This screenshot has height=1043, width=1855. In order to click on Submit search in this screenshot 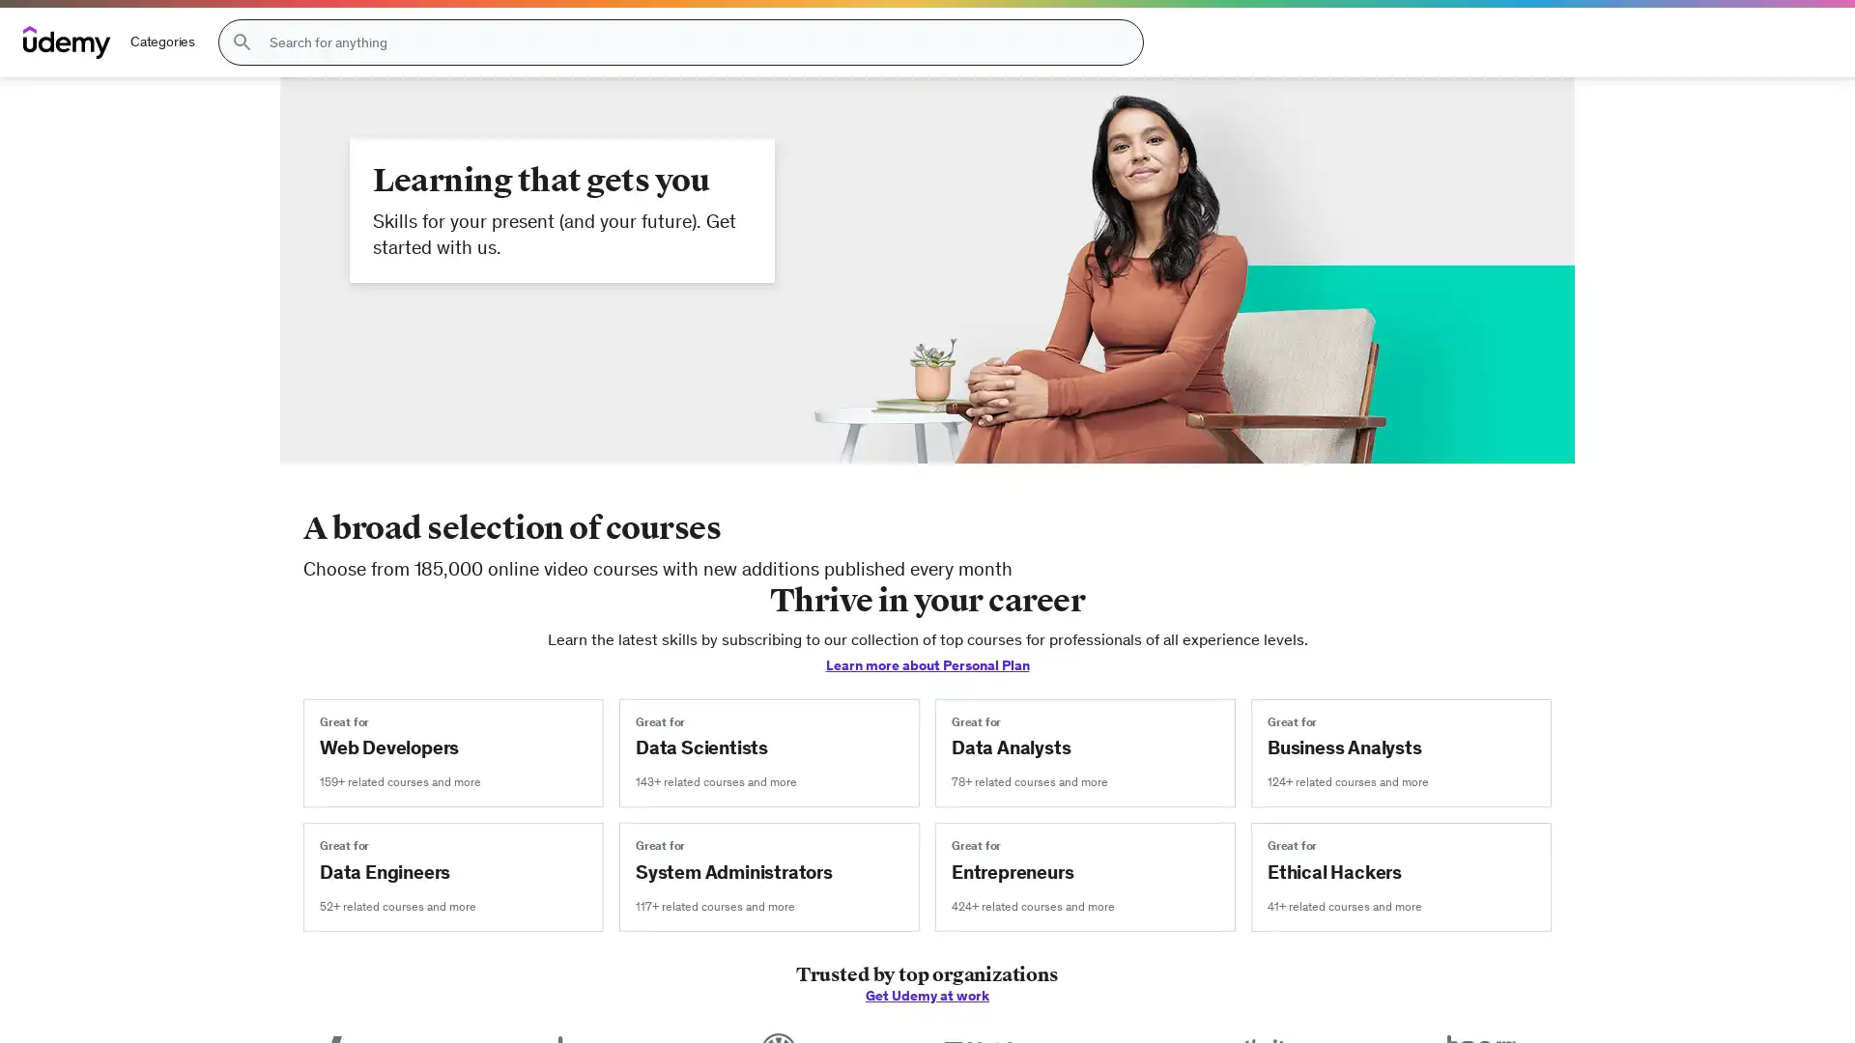, I will do `click(241, 42)`.